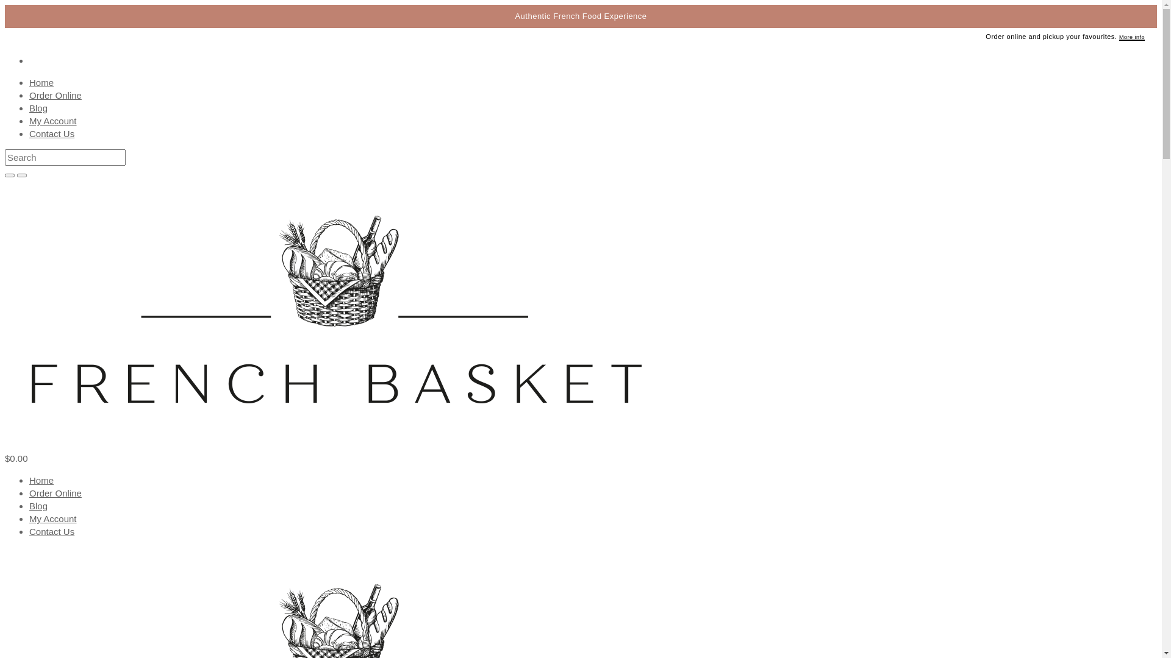 Image resolution: width=1171 pixels, height=658 pixels. I want to click on 'Contact Us', so click(51, 133).